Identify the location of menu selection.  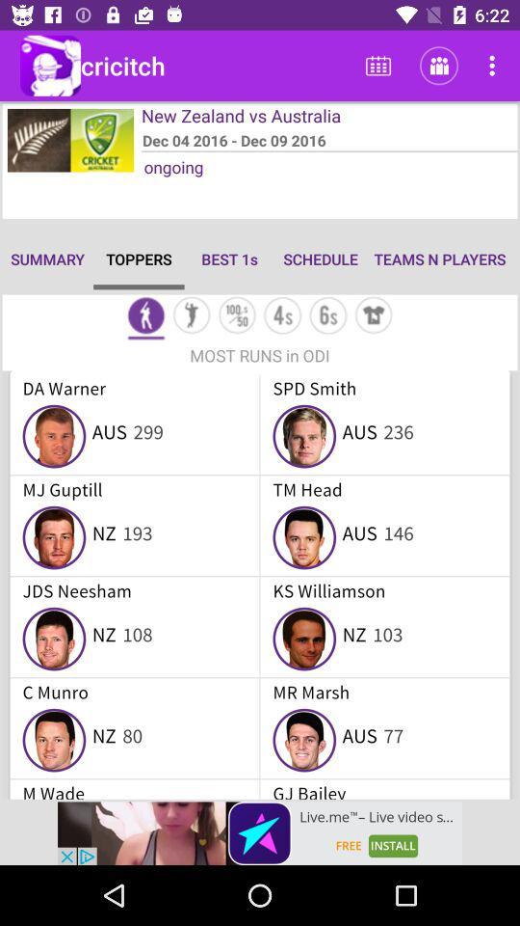
(192, 317).